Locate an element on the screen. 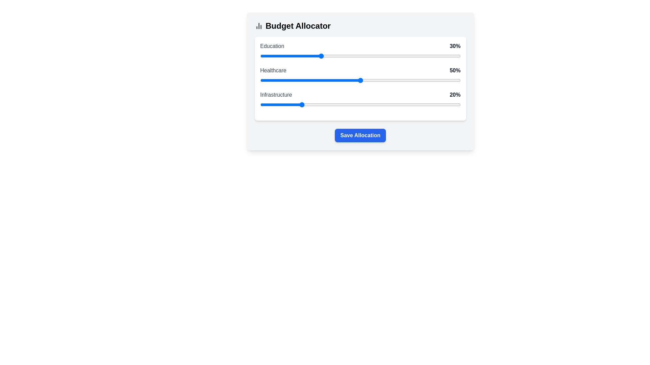  the bar chart icon located to the left of the 'Budget Allocator' text in the header section of the interface is located at coordinates (258, 26).